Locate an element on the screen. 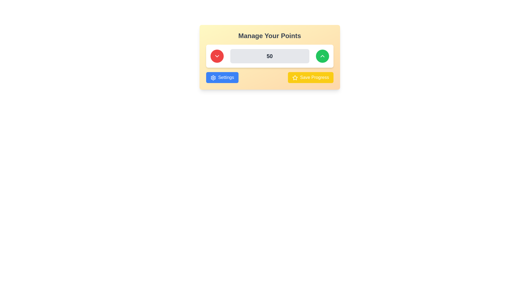 The height and width of the screenshot is (296, 527). the star-shaped icon with a golden-yellow border inside the 'Save Progress' button in the bottom-right corner of the main card interface is located at coordinates (295, 78).